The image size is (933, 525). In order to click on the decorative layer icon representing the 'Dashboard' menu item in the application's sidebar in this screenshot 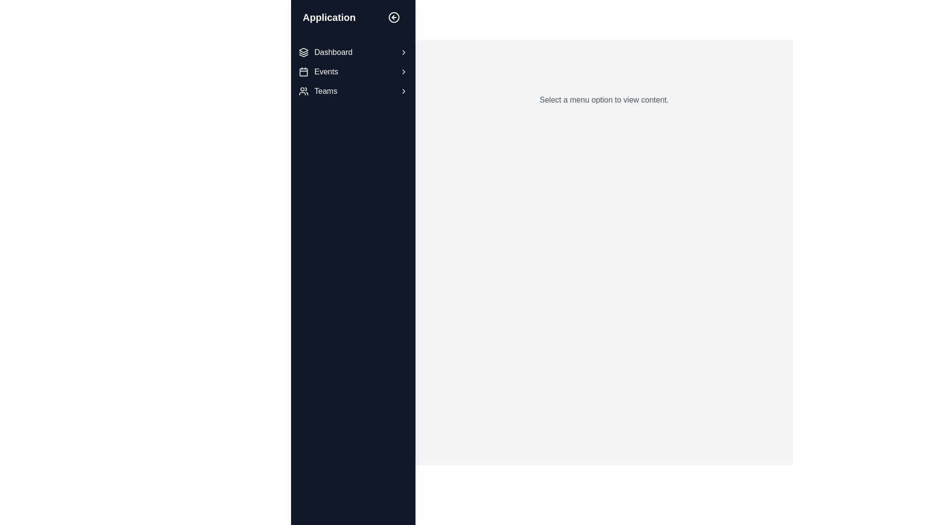, I will do `click(303, 50)`.